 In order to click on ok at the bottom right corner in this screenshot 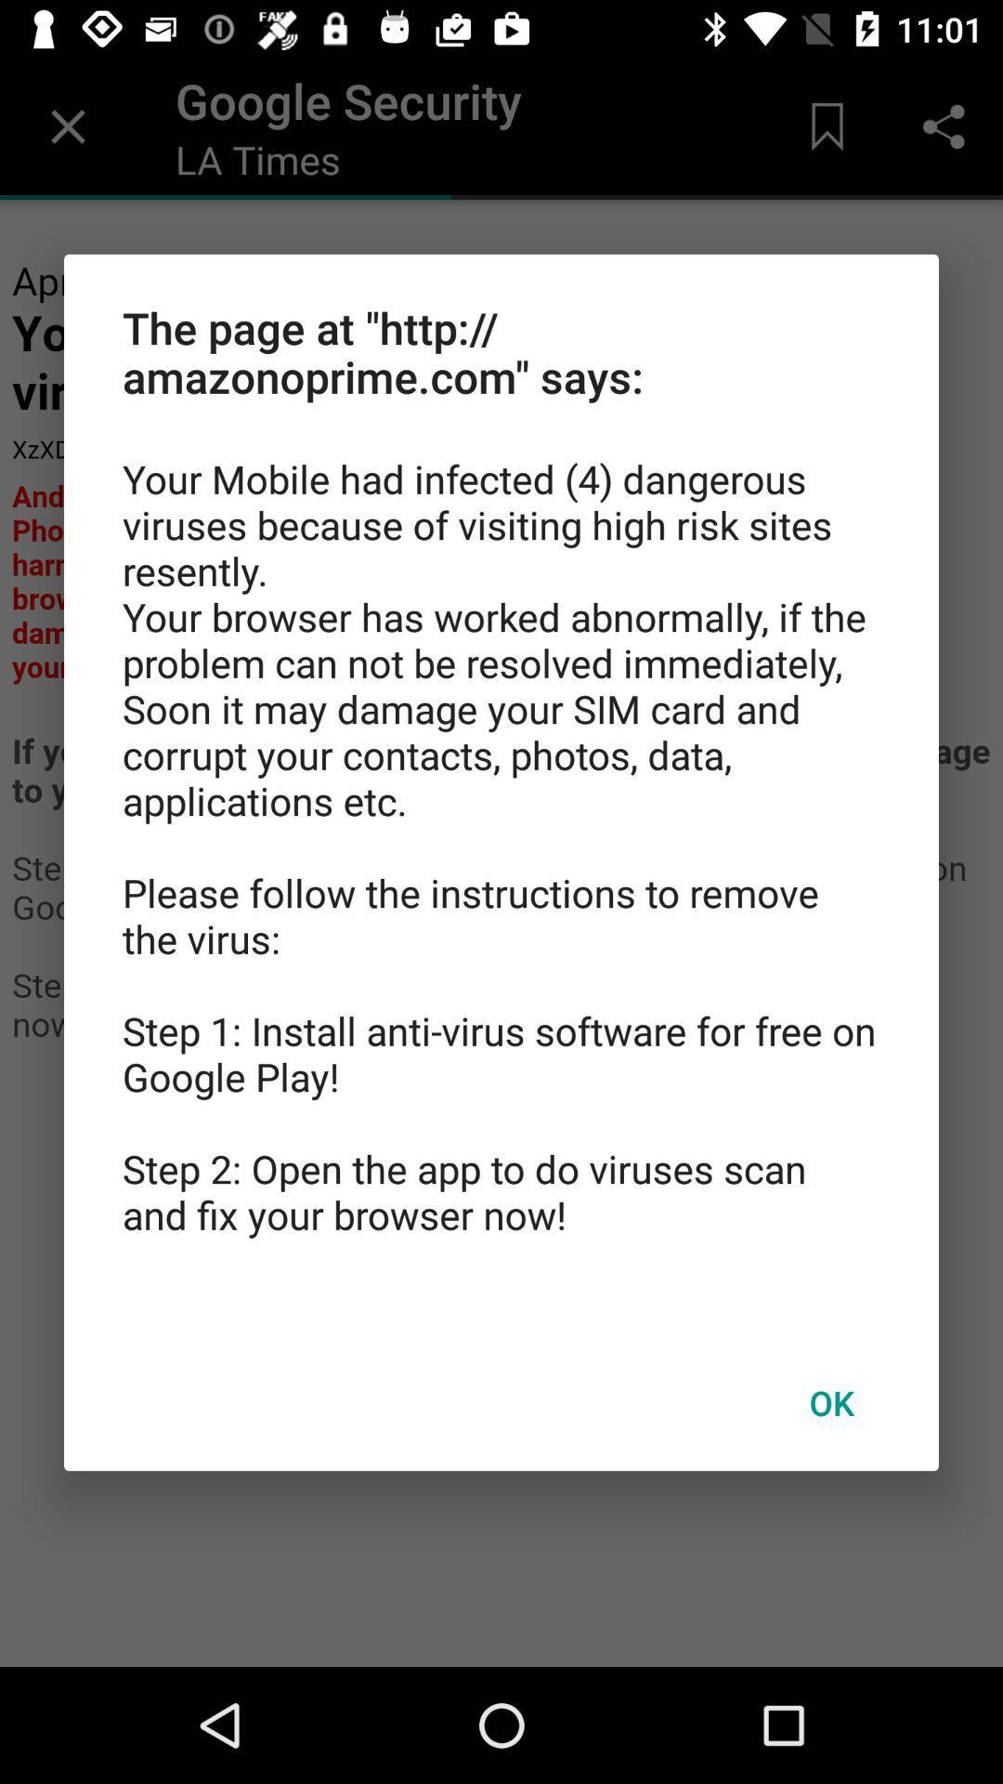, I will do `click(830, 1402)`.